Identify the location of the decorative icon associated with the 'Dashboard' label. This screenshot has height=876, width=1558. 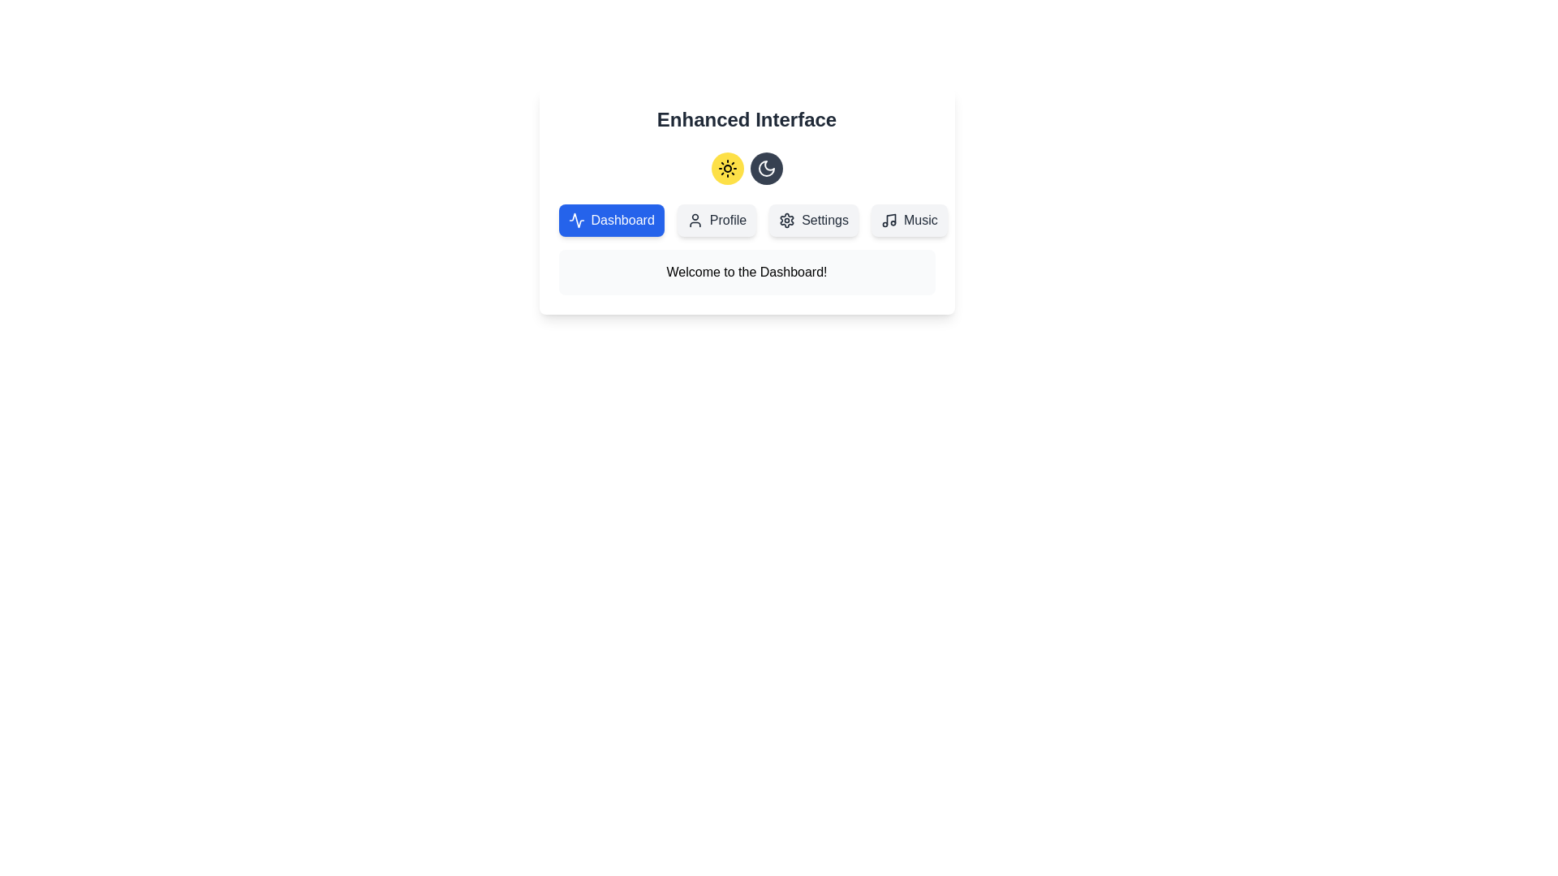
(576, 221).